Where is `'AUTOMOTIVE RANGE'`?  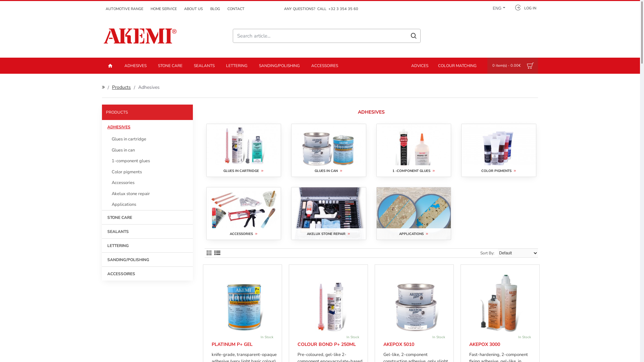
'AUTOMOTIVE RANGE' is located at coordinates (124, 9).